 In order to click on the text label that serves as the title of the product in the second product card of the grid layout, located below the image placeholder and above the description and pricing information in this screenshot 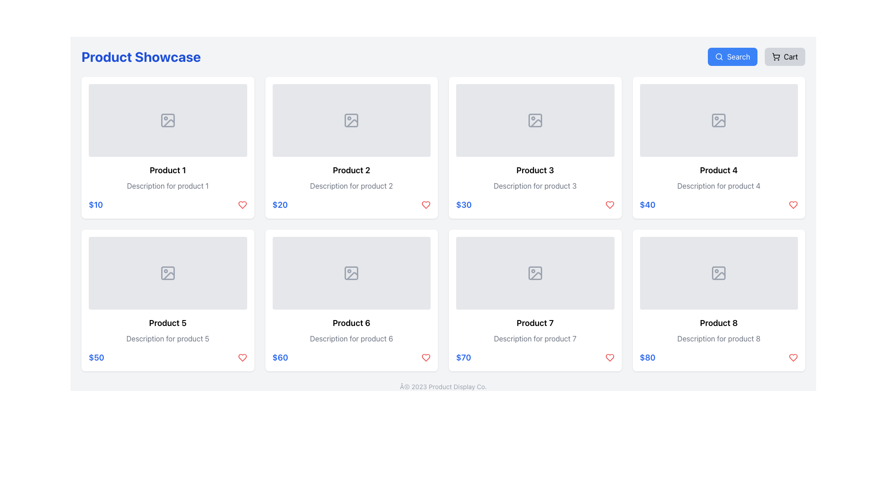, I will do `click(351, 170)`.